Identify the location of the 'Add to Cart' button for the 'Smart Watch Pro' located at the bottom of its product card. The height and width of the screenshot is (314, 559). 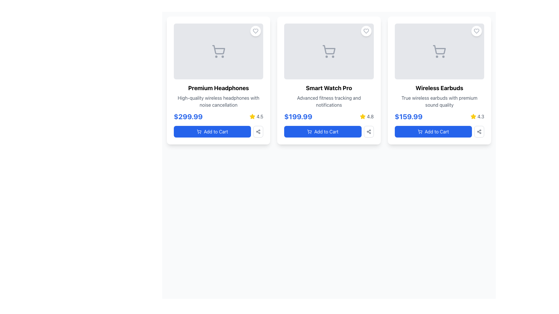
(322, 131).